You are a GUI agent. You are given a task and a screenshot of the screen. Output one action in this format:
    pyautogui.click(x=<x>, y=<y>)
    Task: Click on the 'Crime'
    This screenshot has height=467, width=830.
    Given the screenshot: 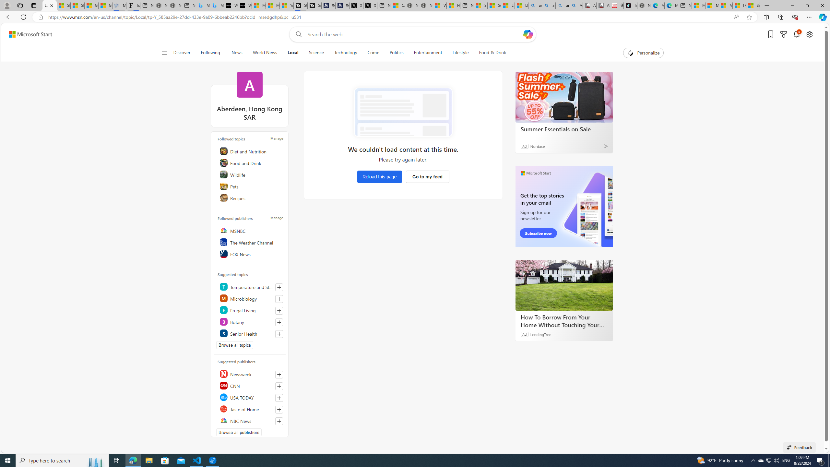 What is the action you would take?
    pyautogui.click(x=373, y=53)
    